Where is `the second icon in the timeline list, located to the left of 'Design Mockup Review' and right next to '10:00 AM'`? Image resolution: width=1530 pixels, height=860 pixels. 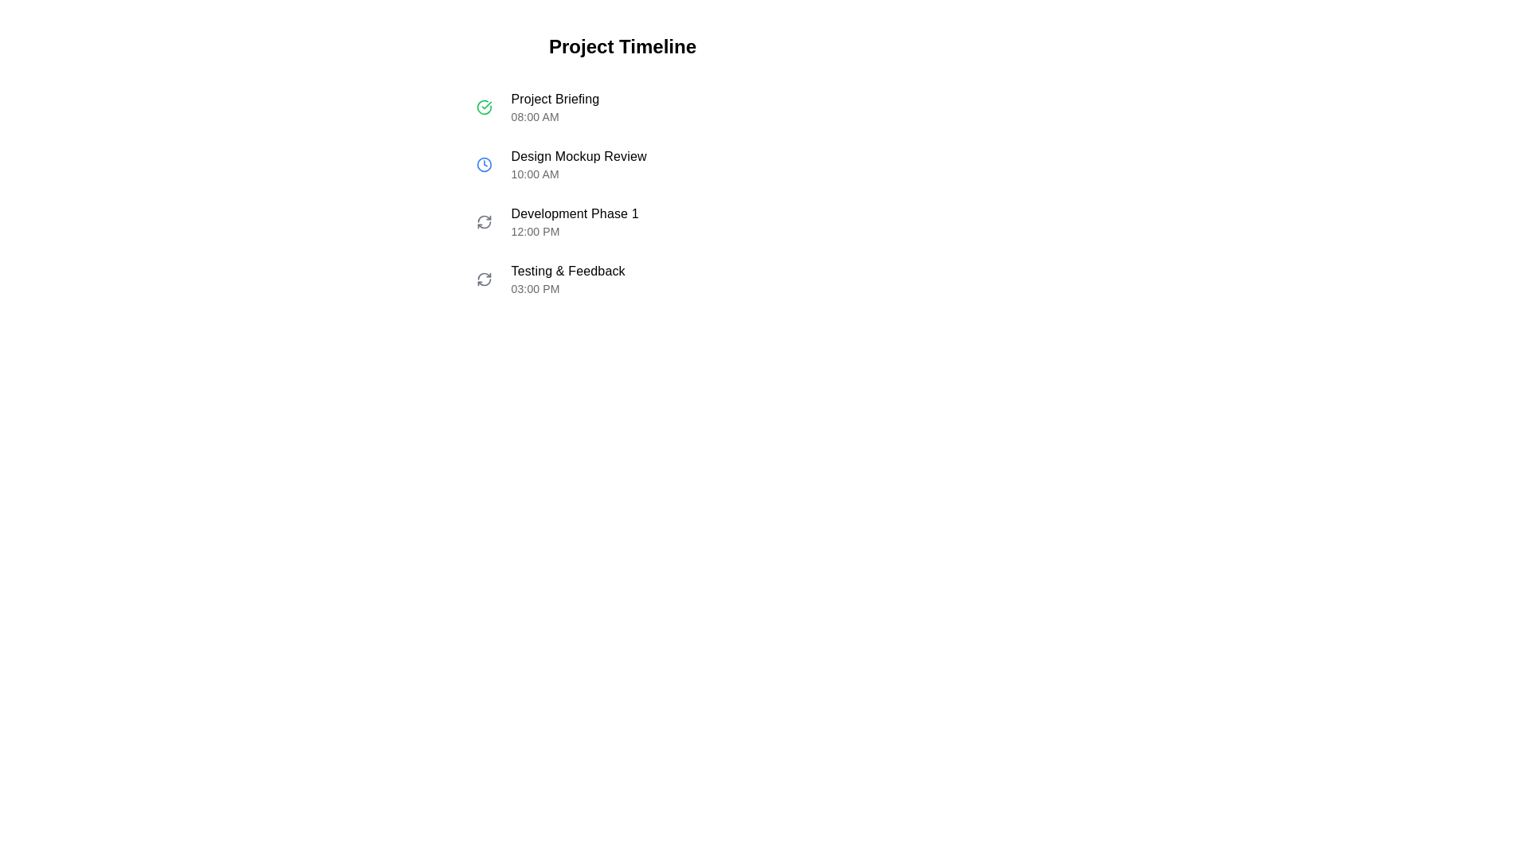
the second icon in the timeline list, located to the left of 'Design Mockup Review' and right next to '10:00 AM' is located at coordinates (483, 165).